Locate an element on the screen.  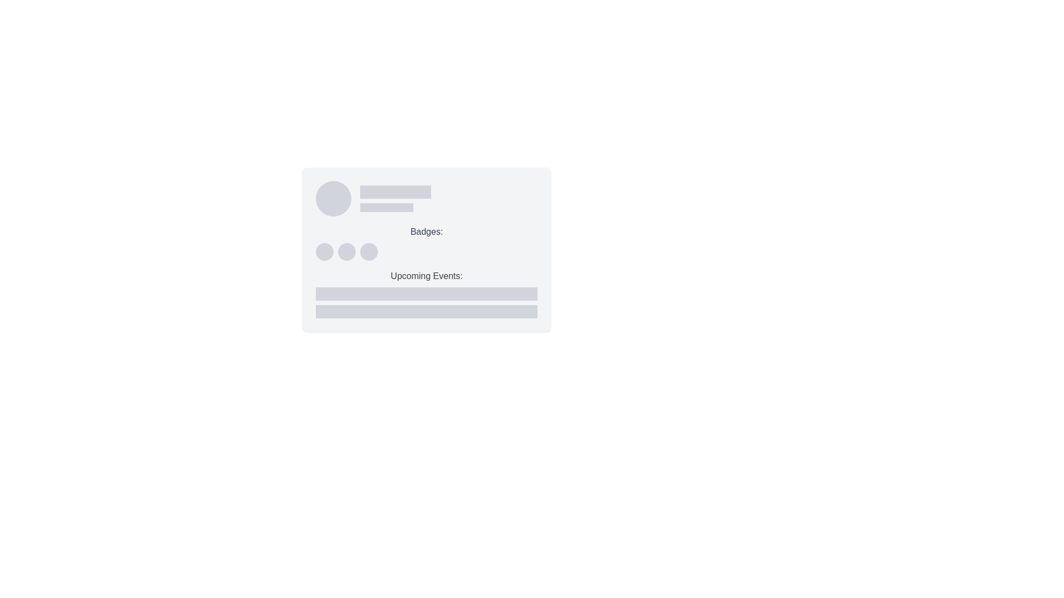
the Placeholder bar, a small, horizontal rectangular element filled with light gray color located below a larger gray rectangle is located at coordinates (386, 207).